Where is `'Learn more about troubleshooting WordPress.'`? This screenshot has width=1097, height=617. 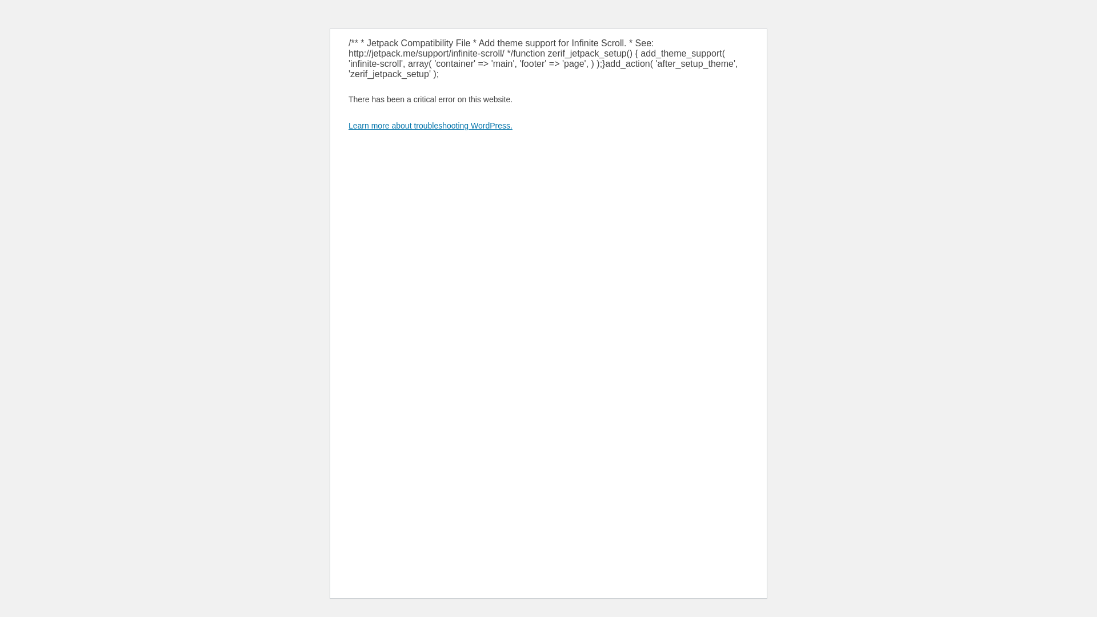 'Learn more about troubleshooting WordPress.' is located at coordinates (430, 125).